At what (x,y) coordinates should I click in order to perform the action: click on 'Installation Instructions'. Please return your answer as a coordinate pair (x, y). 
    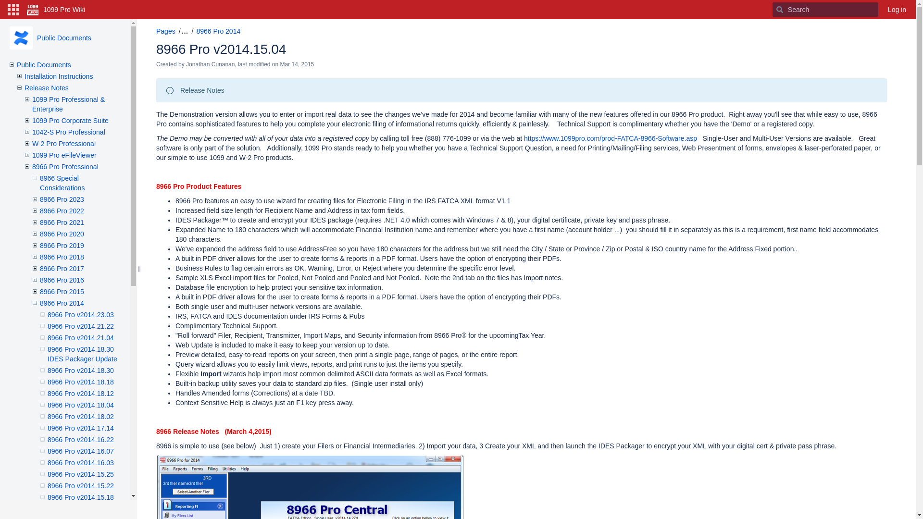
    Looking at the image, I should click on (58, 75).